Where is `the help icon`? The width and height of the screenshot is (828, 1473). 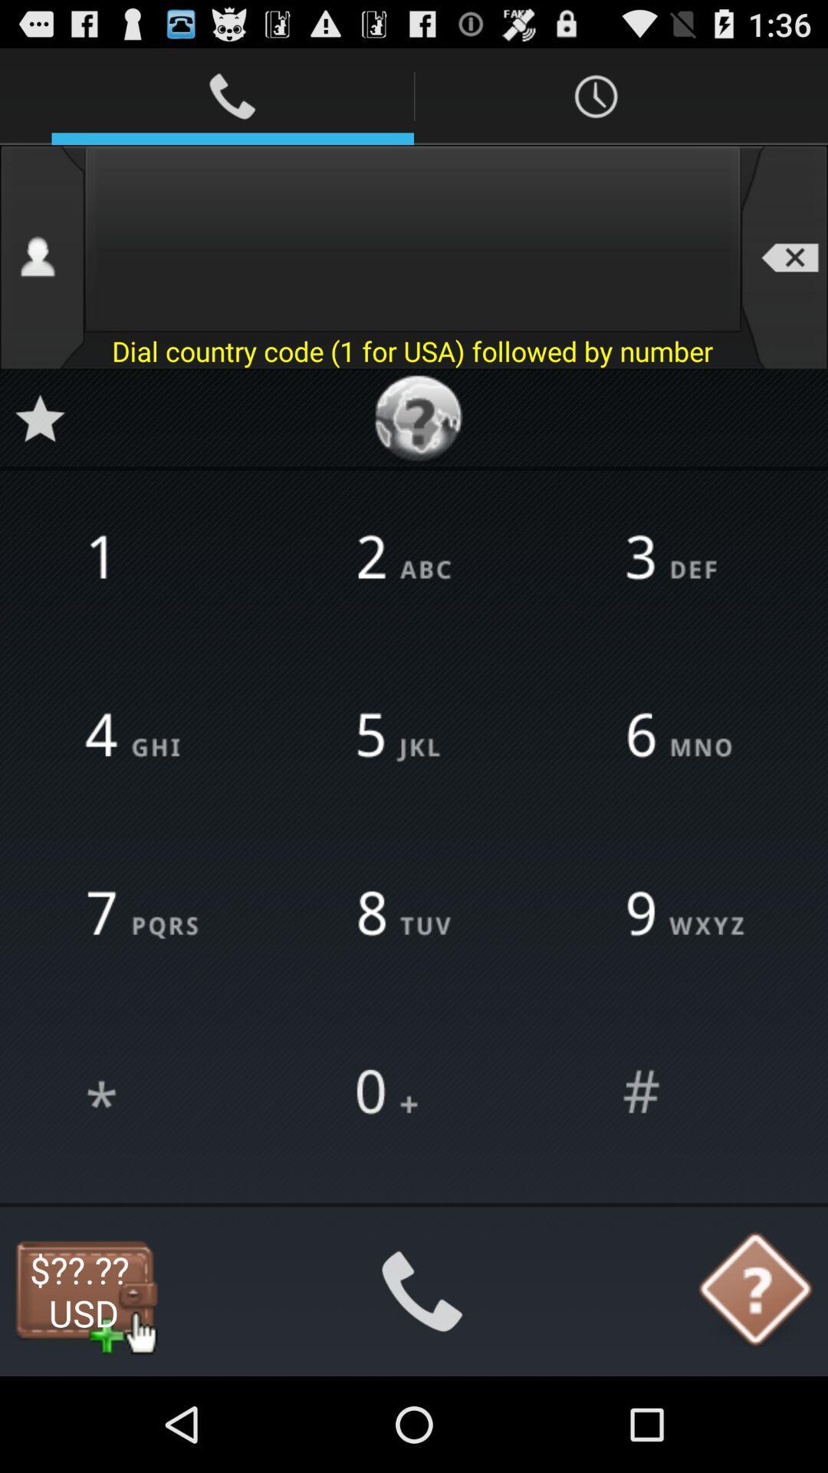
the help icon is located at coordinates (418, 447).